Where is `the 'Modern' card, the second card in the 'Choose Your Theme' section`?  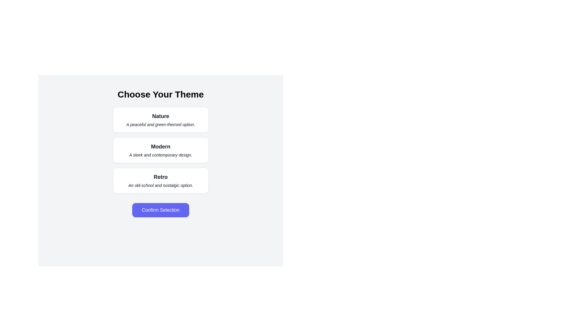
the 'Modern' card, the second card in the 'Choose Your Theme' section is located at coordinates (161, 150).